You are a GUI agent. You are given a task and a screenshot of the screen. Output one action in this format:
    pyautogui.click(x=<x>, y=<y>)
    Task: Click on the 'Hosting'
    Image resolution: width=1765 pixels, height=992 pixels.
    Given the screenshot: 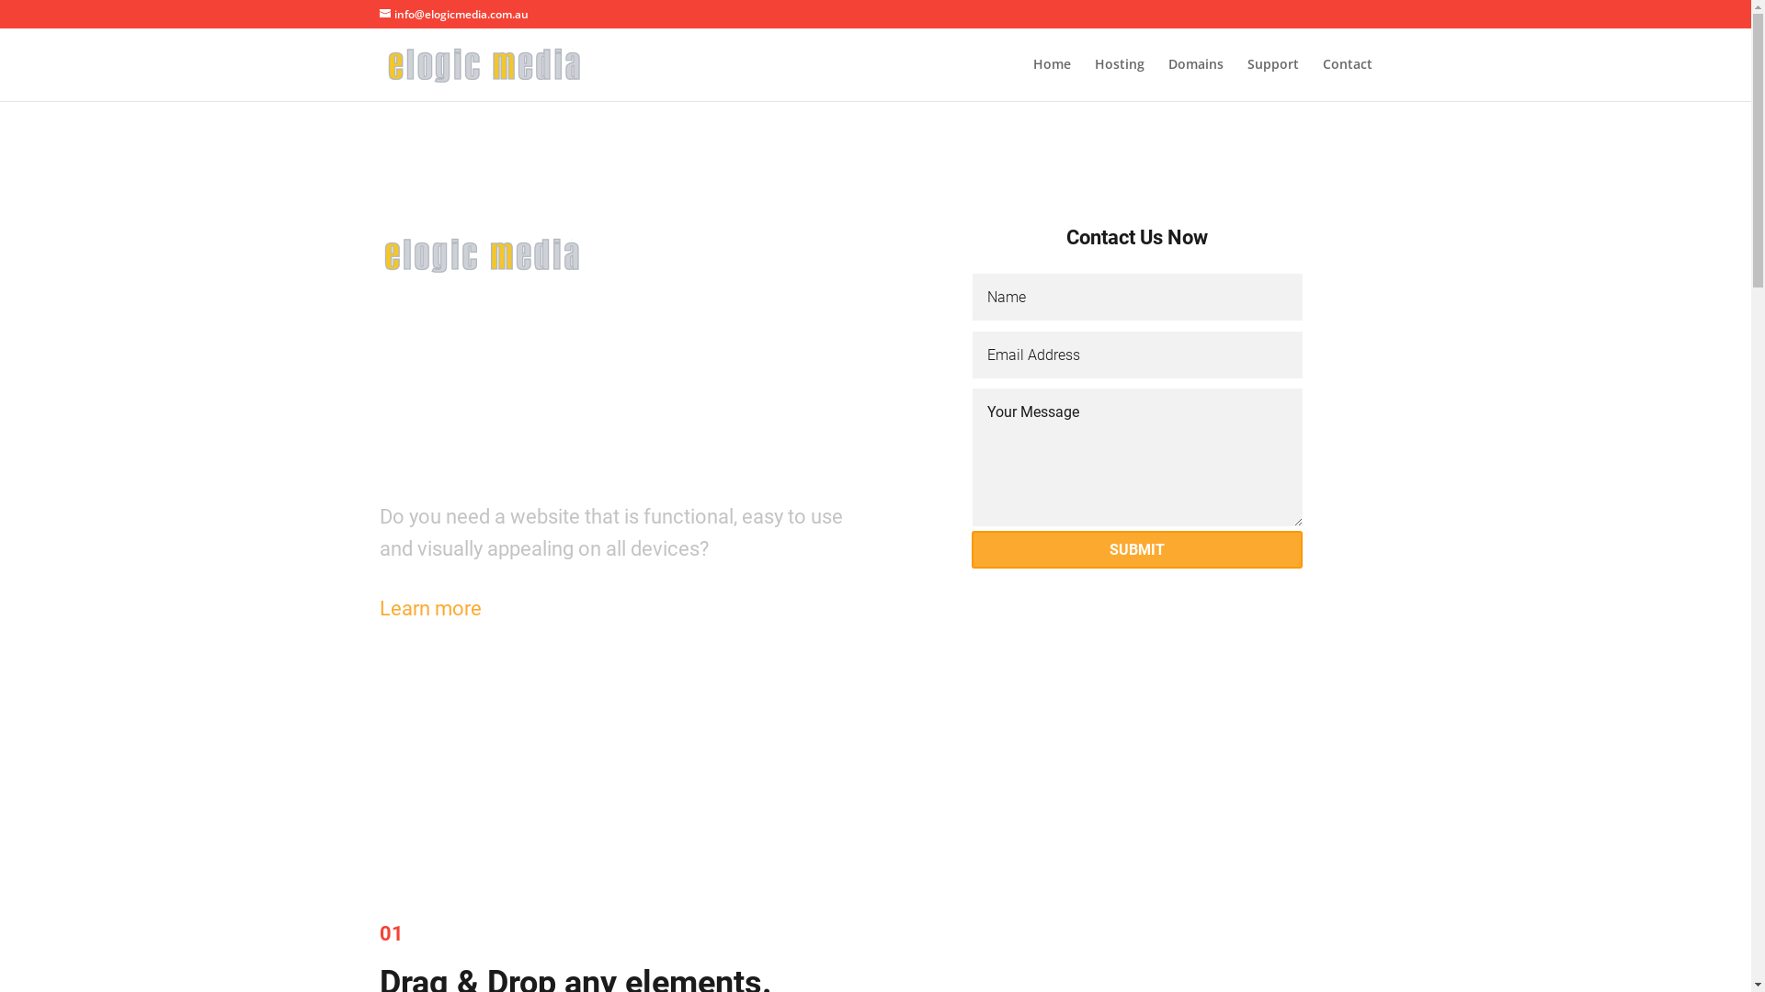 What is the action you would take?
    pyautogui.click(x=1118, y=78)
    